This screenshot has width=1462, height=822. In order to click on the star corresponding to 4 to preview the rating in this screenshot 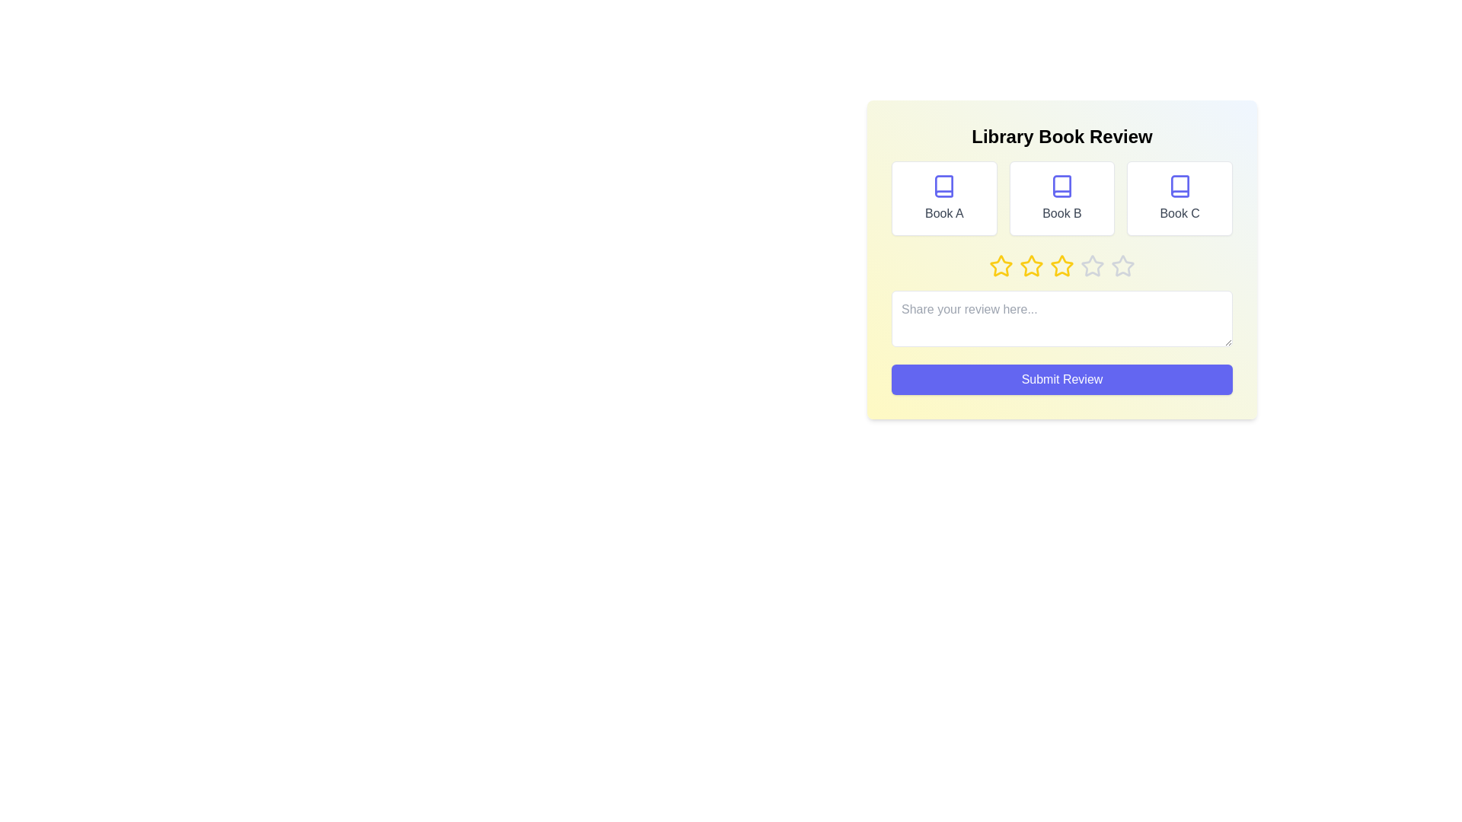, I will do `click(1092, 266)`.